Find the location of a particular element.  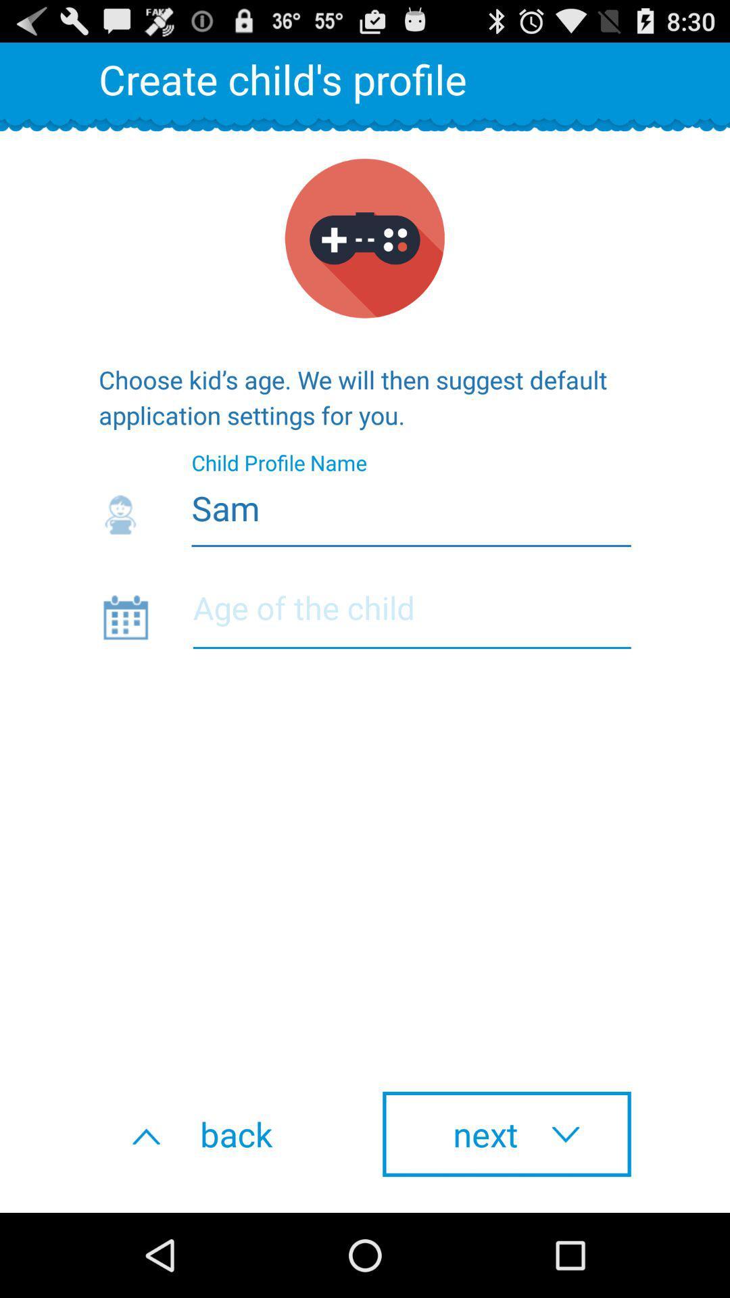

the icon next to the next button is located at coordinates (222, 1134).